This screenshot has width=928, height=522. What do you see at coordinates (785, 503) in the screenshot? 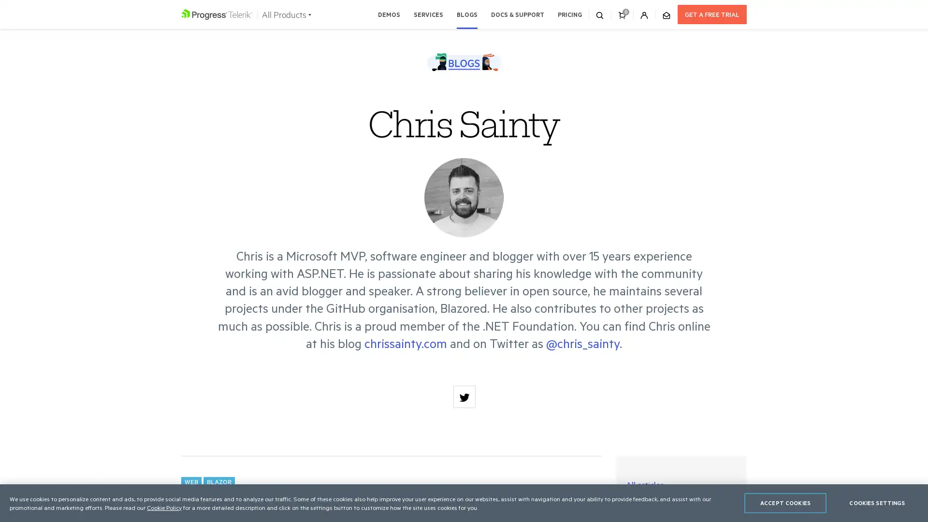
I see `ACCEPT COOKIES` at bounding box center [785, 503].